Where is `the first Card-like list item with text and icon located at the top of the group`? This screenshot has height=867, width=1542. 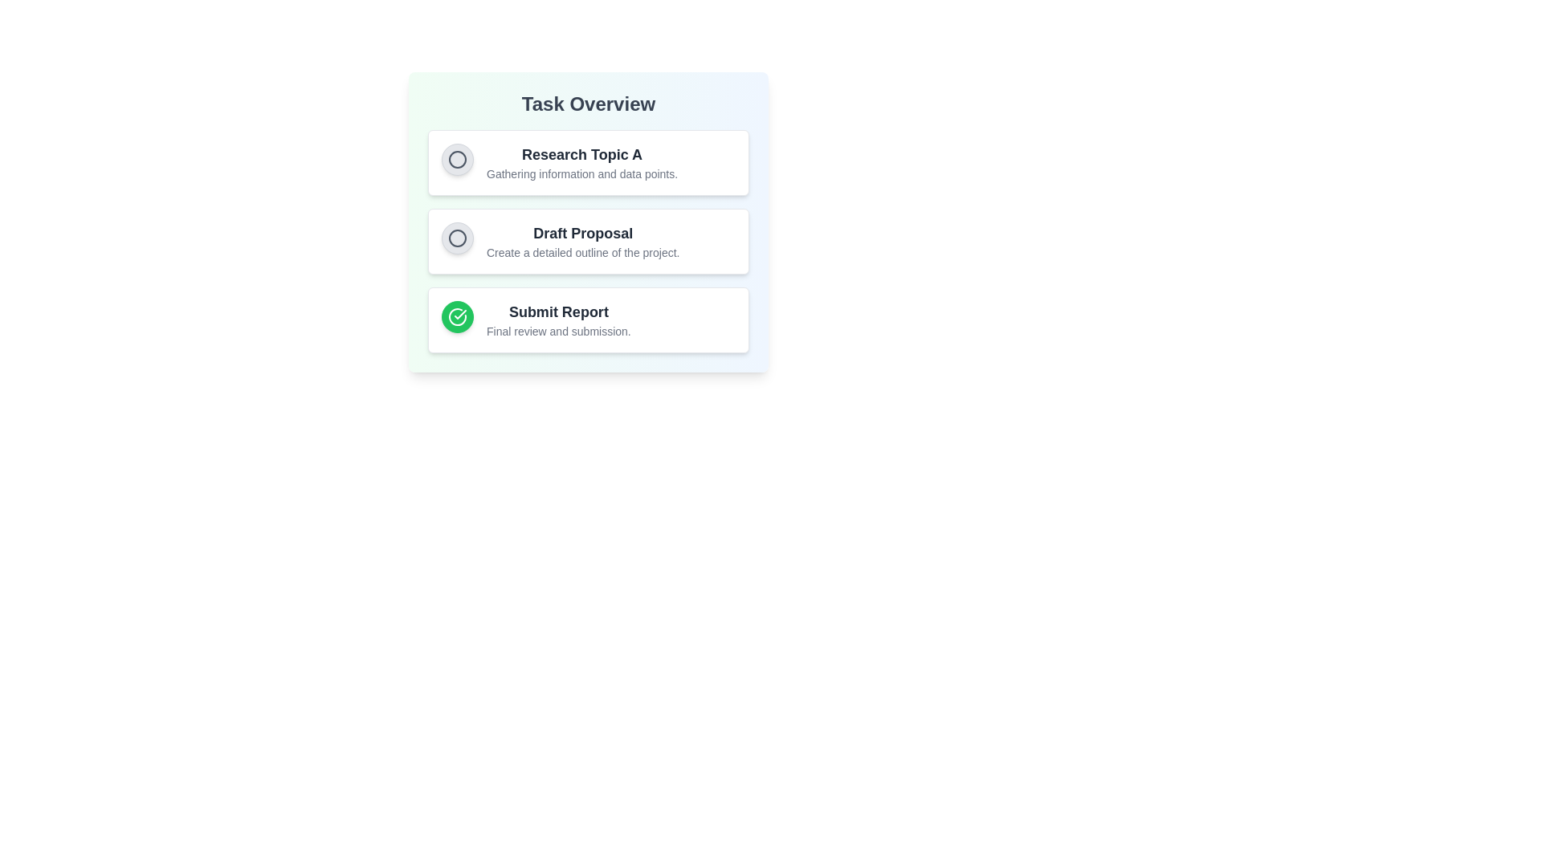
the first Card-like list item with text and icon located at the top of the group is located at coordinates (588, 163).